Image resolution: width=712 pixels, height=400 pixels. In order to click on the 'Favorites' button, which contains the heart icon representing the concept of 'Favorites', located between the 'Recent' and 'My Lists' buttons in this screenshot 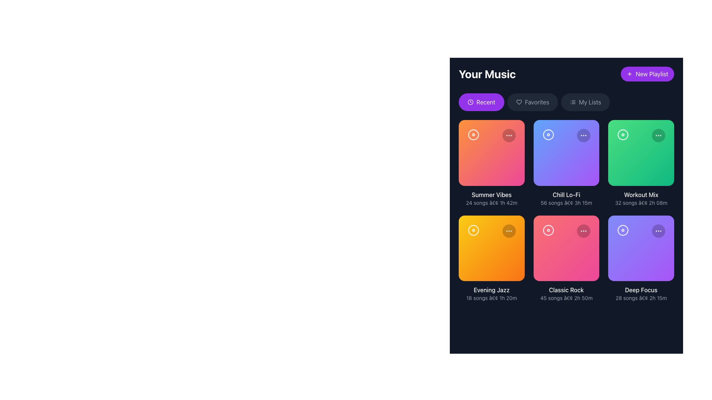, I will do `click(518, 102)`.